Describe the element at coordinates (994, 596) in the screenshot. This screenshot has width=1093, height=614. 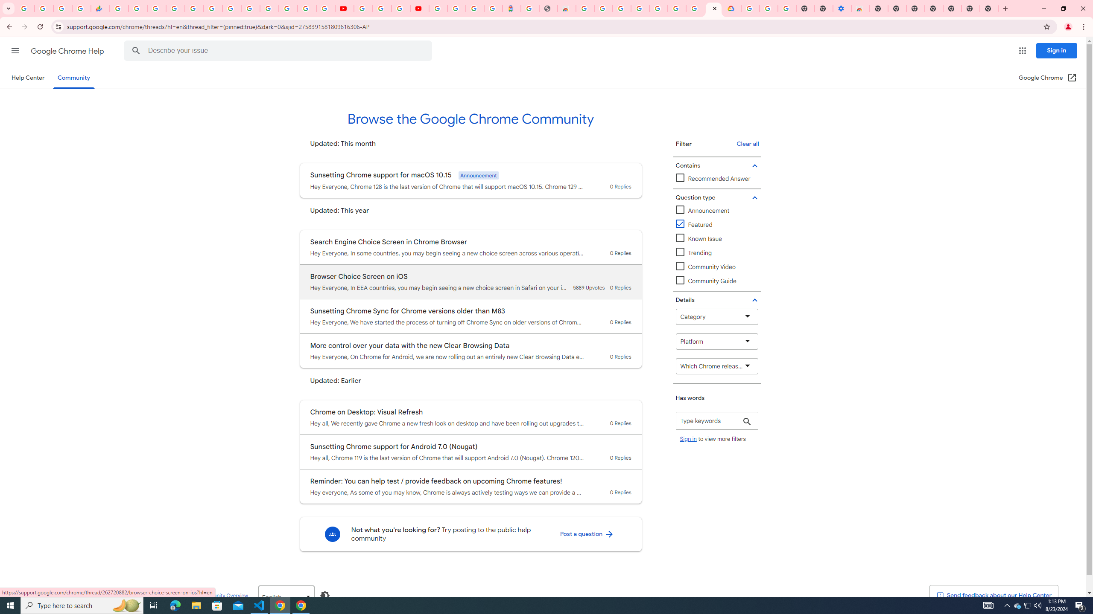
I see `' Send feedback about our Help Center'` at that location.